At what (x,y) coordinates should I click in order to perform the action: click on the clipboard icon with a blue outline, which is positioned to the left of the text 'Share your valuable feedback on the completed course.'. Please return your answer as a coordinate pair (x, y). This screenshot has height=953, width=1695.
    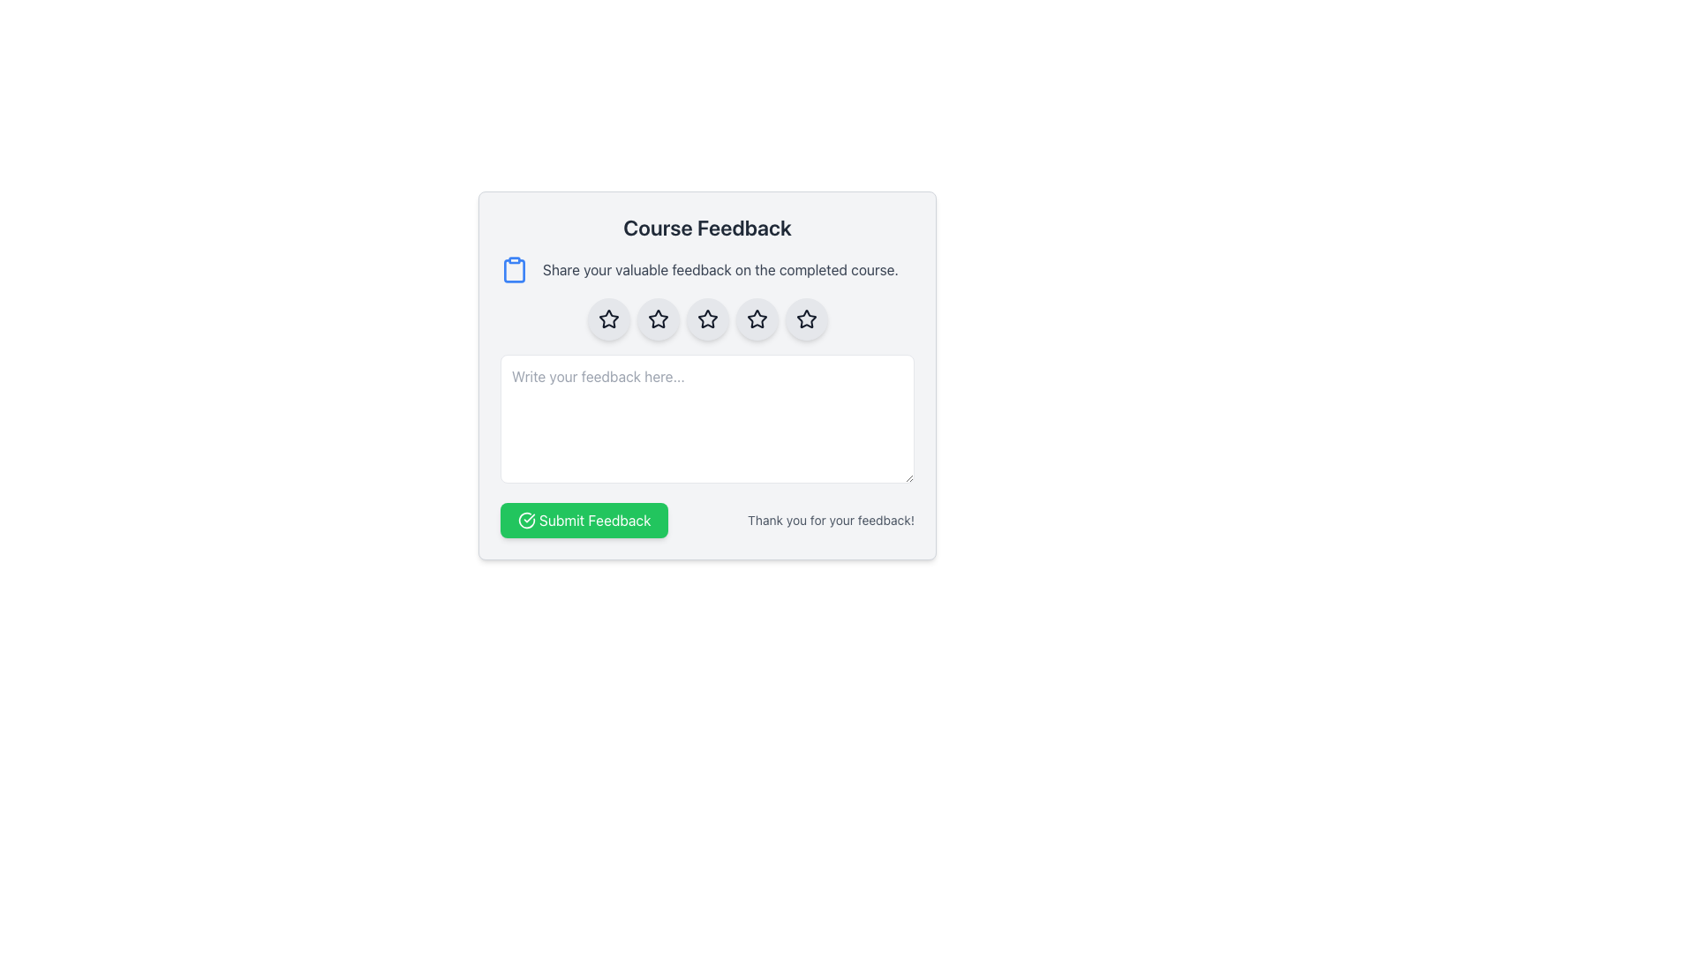
    Looking at the image, I should click on (513, 269).